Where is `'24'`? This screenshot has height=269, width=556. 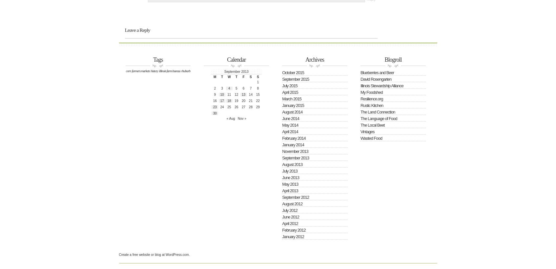
'24' is located at coordinates (222, 106).